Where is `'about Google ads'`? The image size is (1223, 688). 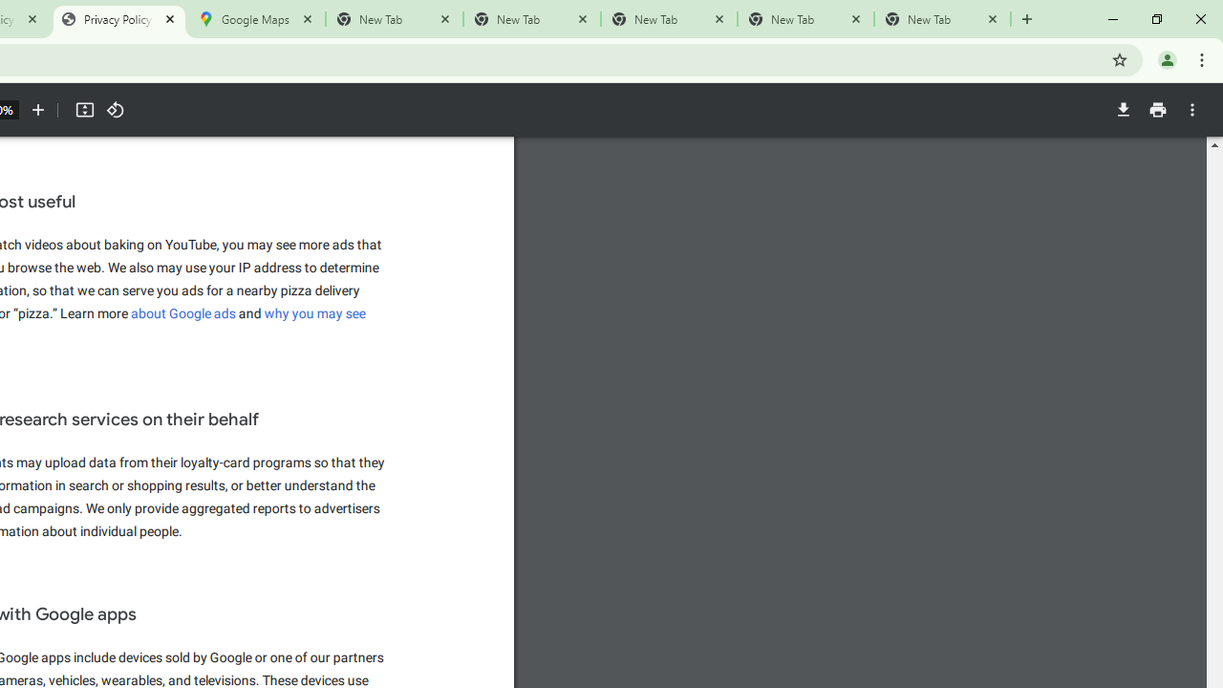 'about Google ads' is located at coordinates (183, 312).